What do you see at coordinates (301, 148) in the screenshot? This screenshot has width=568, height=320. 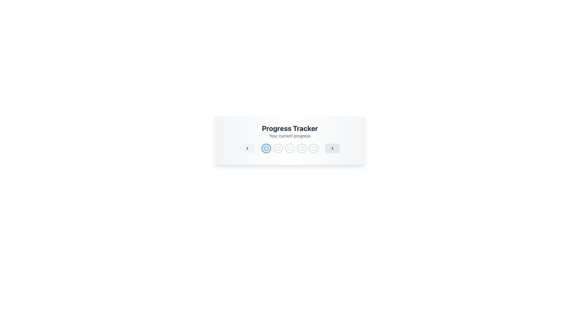 I see `the third circular progress indicator in the progress tracker interface, which is outlined with a thin border and has no fill color` at bounding box center [301, 148].